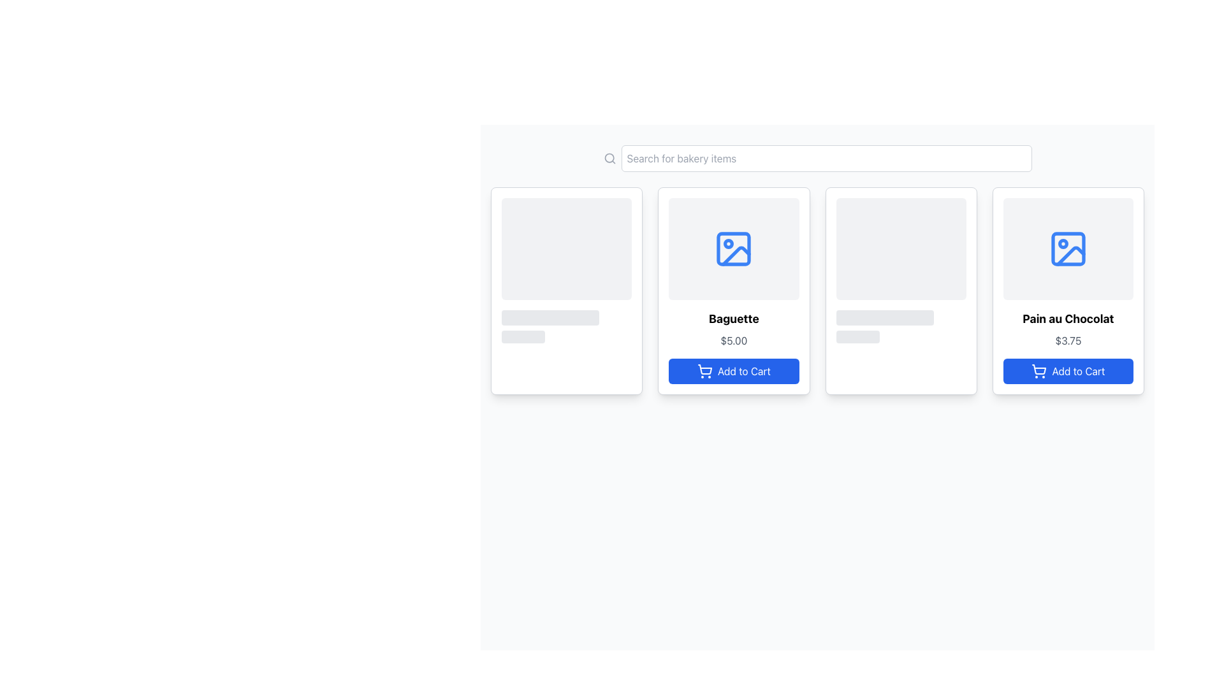  Describe the element at coordinates (1039, 369) in the screenshot. I see `the Add to Cart button represented by the cart icon located at the bottom of the rightmost product card for 'Pain au Chocolat'` at that location.